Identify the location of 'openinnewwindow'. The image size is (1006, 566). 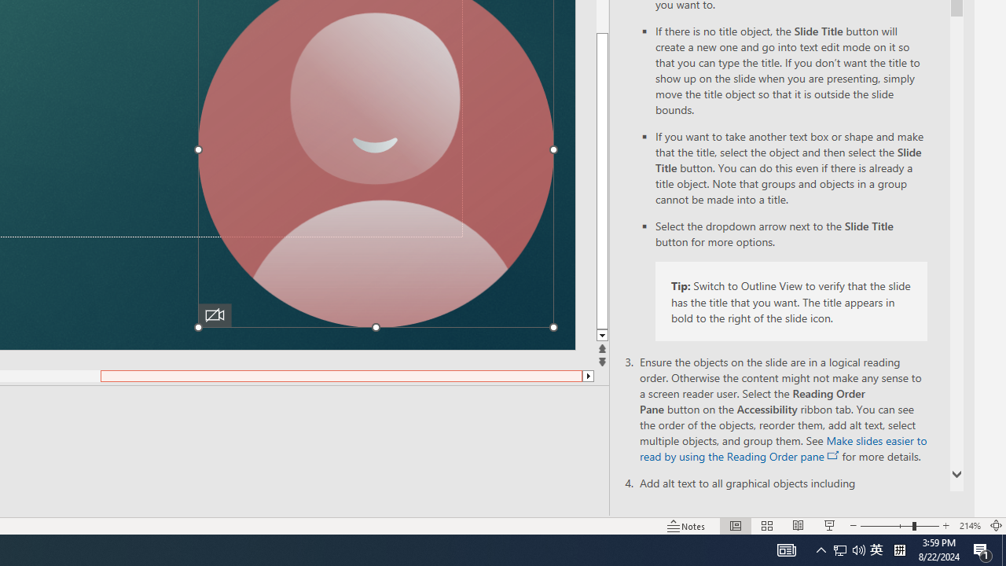
(832, 455).